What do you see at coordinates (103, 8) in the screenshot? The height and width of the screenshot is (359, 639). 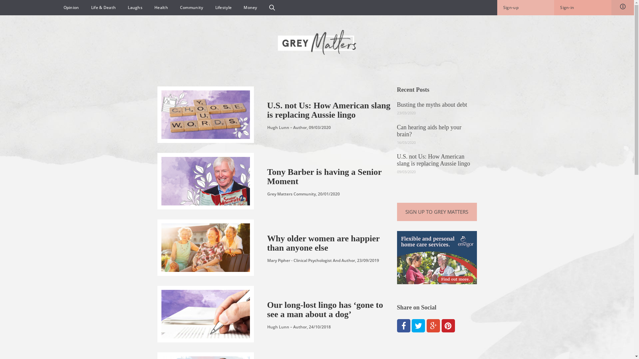 I see `'Life & Death'` at bounding box center [103, 8].